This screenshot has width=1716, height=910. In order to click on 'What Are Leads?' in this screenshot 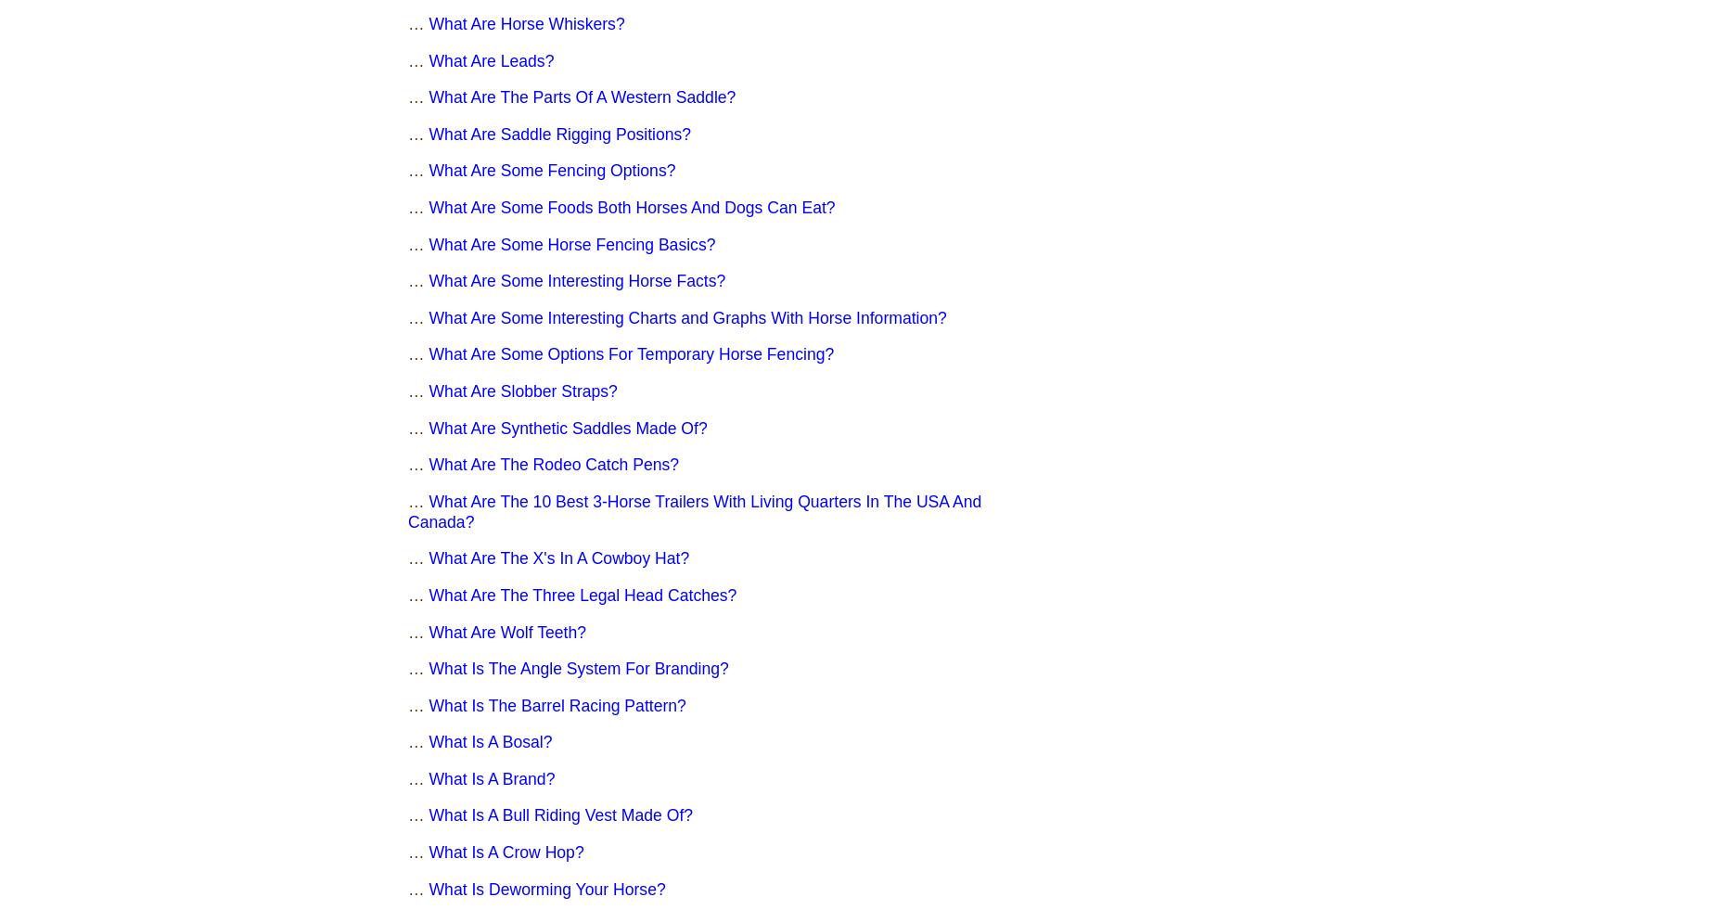, I will do `click(491, 59)`.